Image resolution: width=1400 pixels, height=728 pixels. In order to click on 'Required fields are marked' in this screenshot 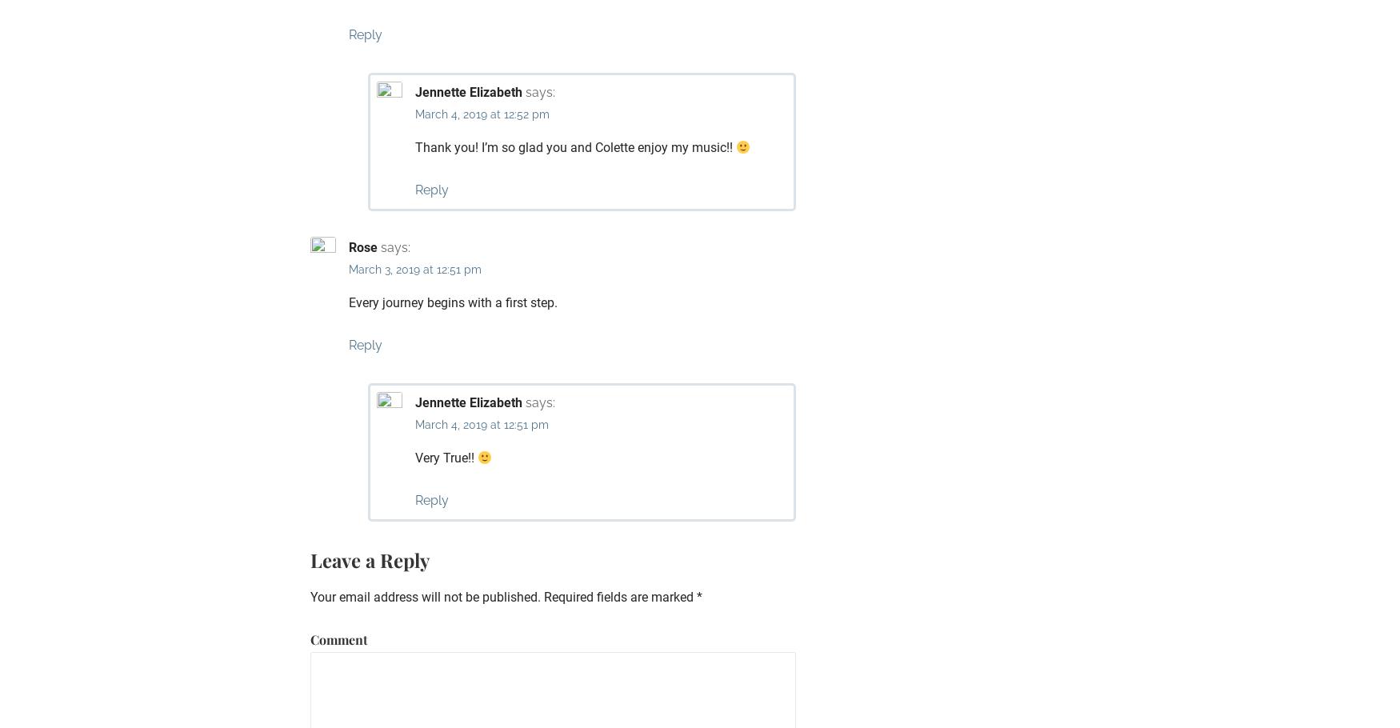, I will do `click(618, 596)`.